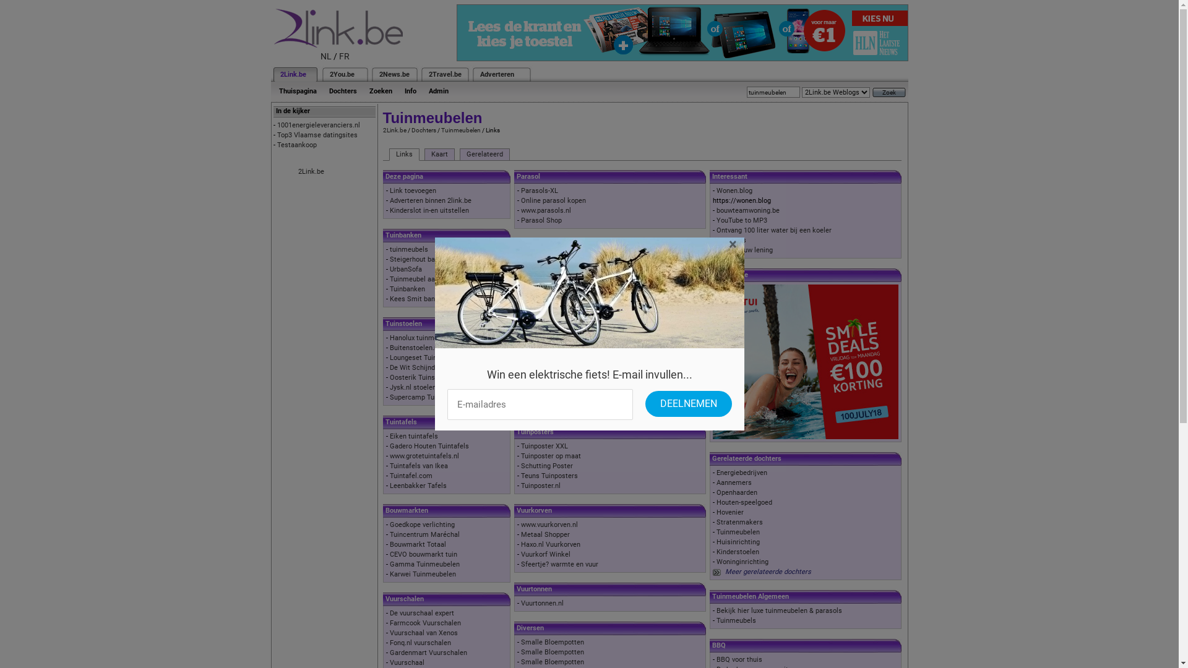 This screenshot has width=1188, height=668. I want to click on '1001energieleveranciers.nl', so click(318, 125).